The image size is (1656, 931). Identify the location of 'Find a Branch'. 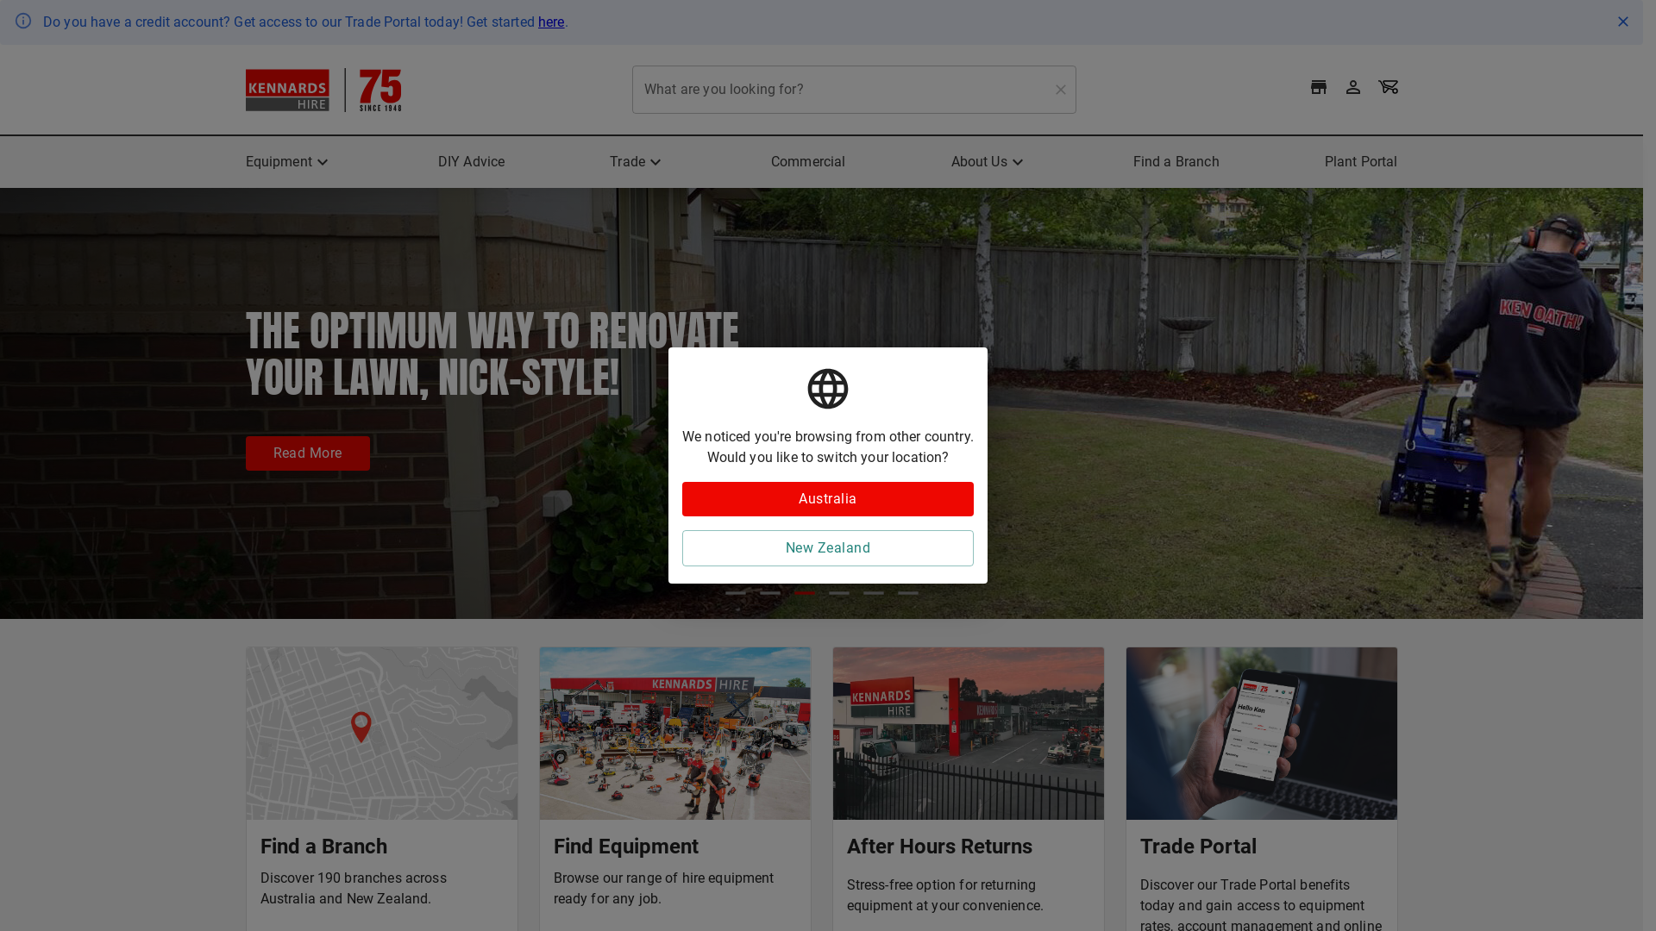
(1133, 162).